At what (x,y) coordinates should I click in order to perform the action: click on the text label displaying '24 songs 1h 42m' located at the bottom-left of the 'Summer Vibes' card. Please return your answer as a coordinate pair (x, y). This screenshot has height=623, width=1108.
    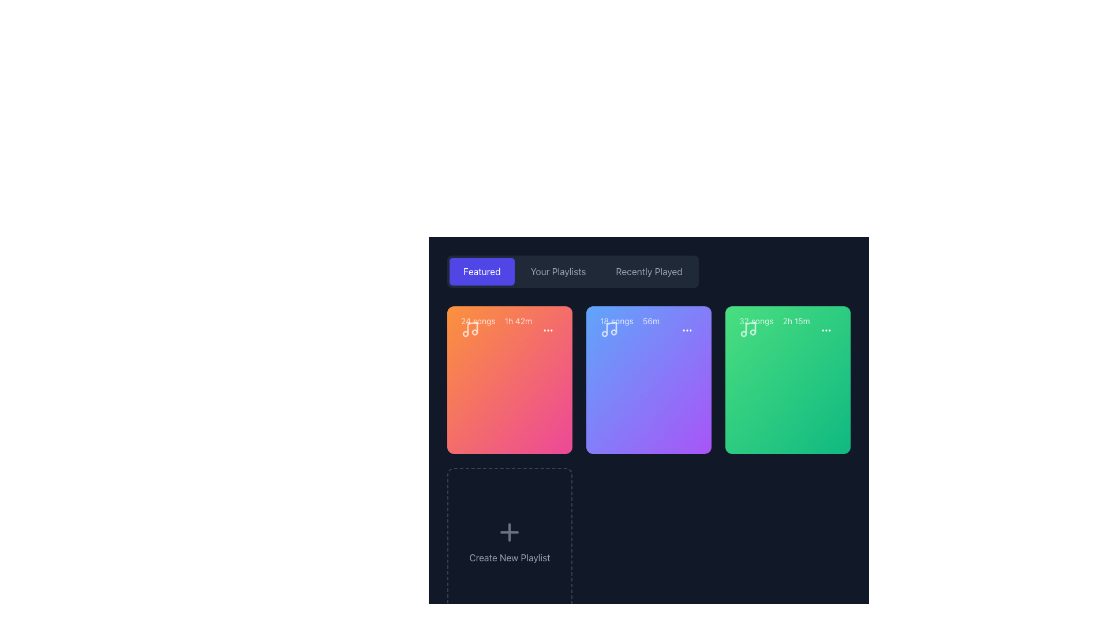
    Looking at the image, I should click on (496, 321).